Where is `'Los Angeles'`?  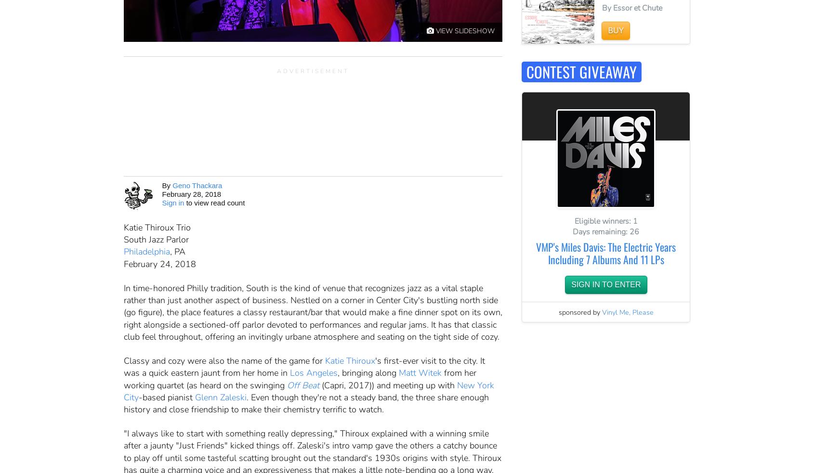
'Los Angeles' is located at coordinates (313, 372).